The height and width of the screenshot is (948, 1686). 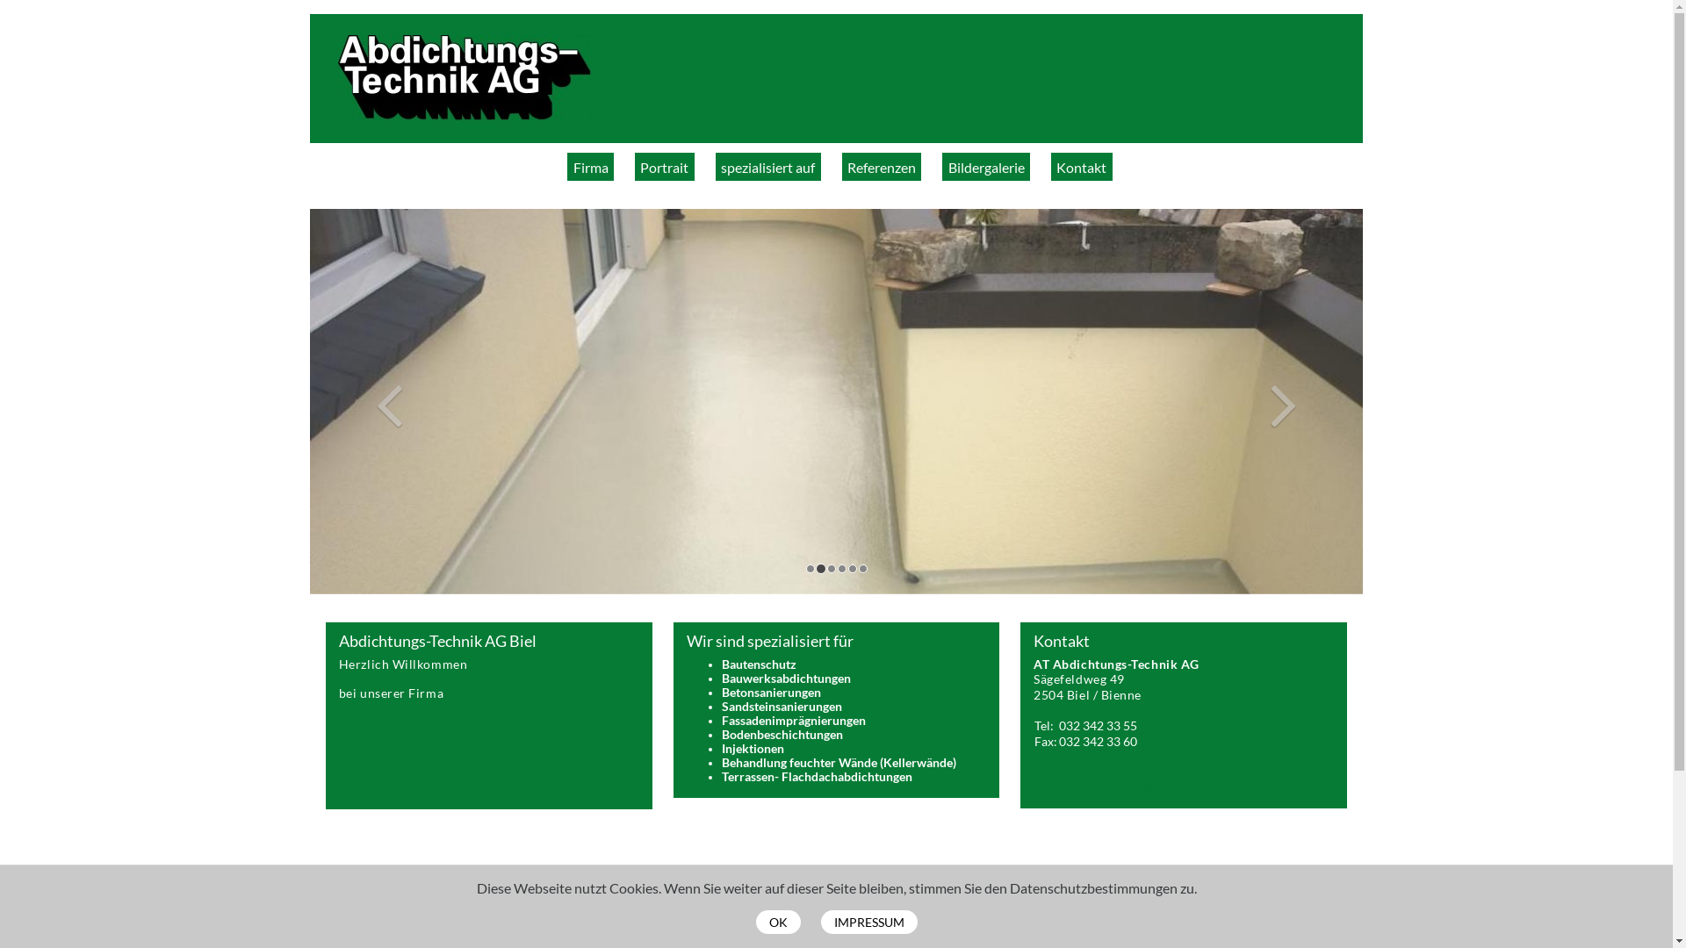 What do you see at coordinates (776, 921) in the screenshot?
I see `'OK'` at bounding box center [776, 921].